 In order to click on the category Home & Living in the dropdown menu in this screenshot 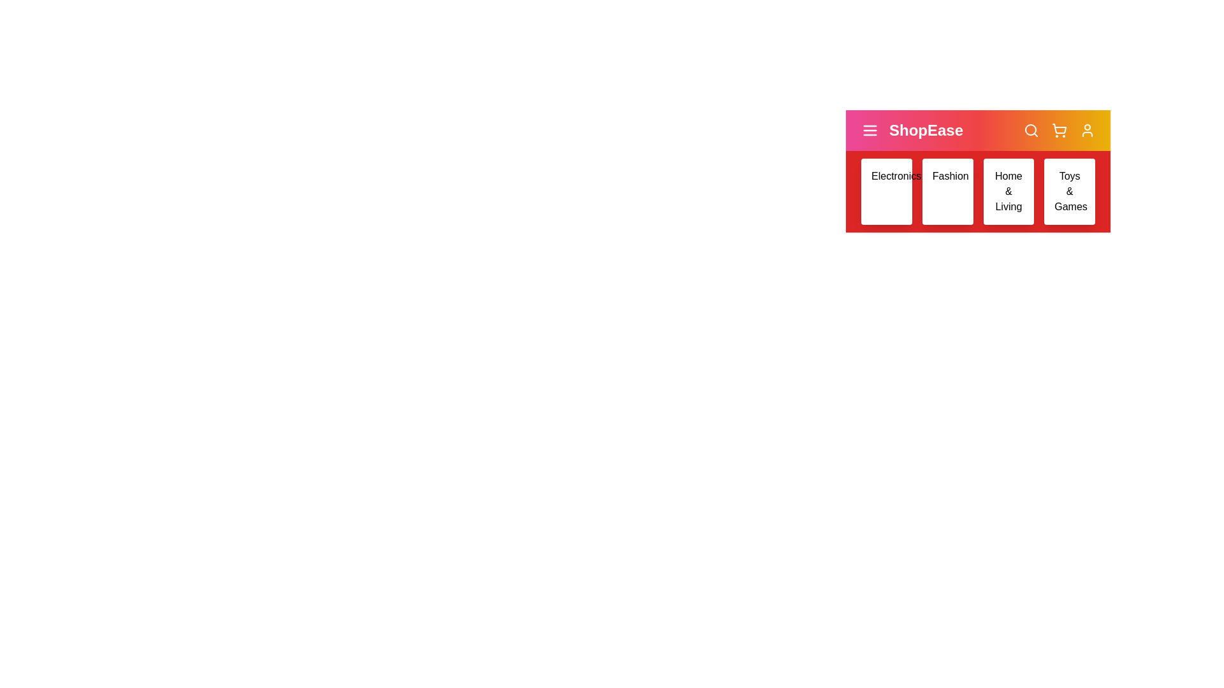, I will do `click(1008, 191)`.